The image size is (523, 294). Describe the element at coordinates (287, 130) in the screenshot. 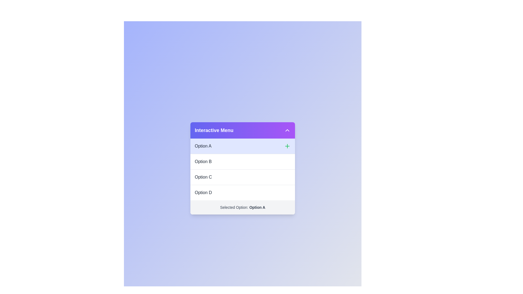

I see `the toggle button to toggle the menu open/close state` at that location.